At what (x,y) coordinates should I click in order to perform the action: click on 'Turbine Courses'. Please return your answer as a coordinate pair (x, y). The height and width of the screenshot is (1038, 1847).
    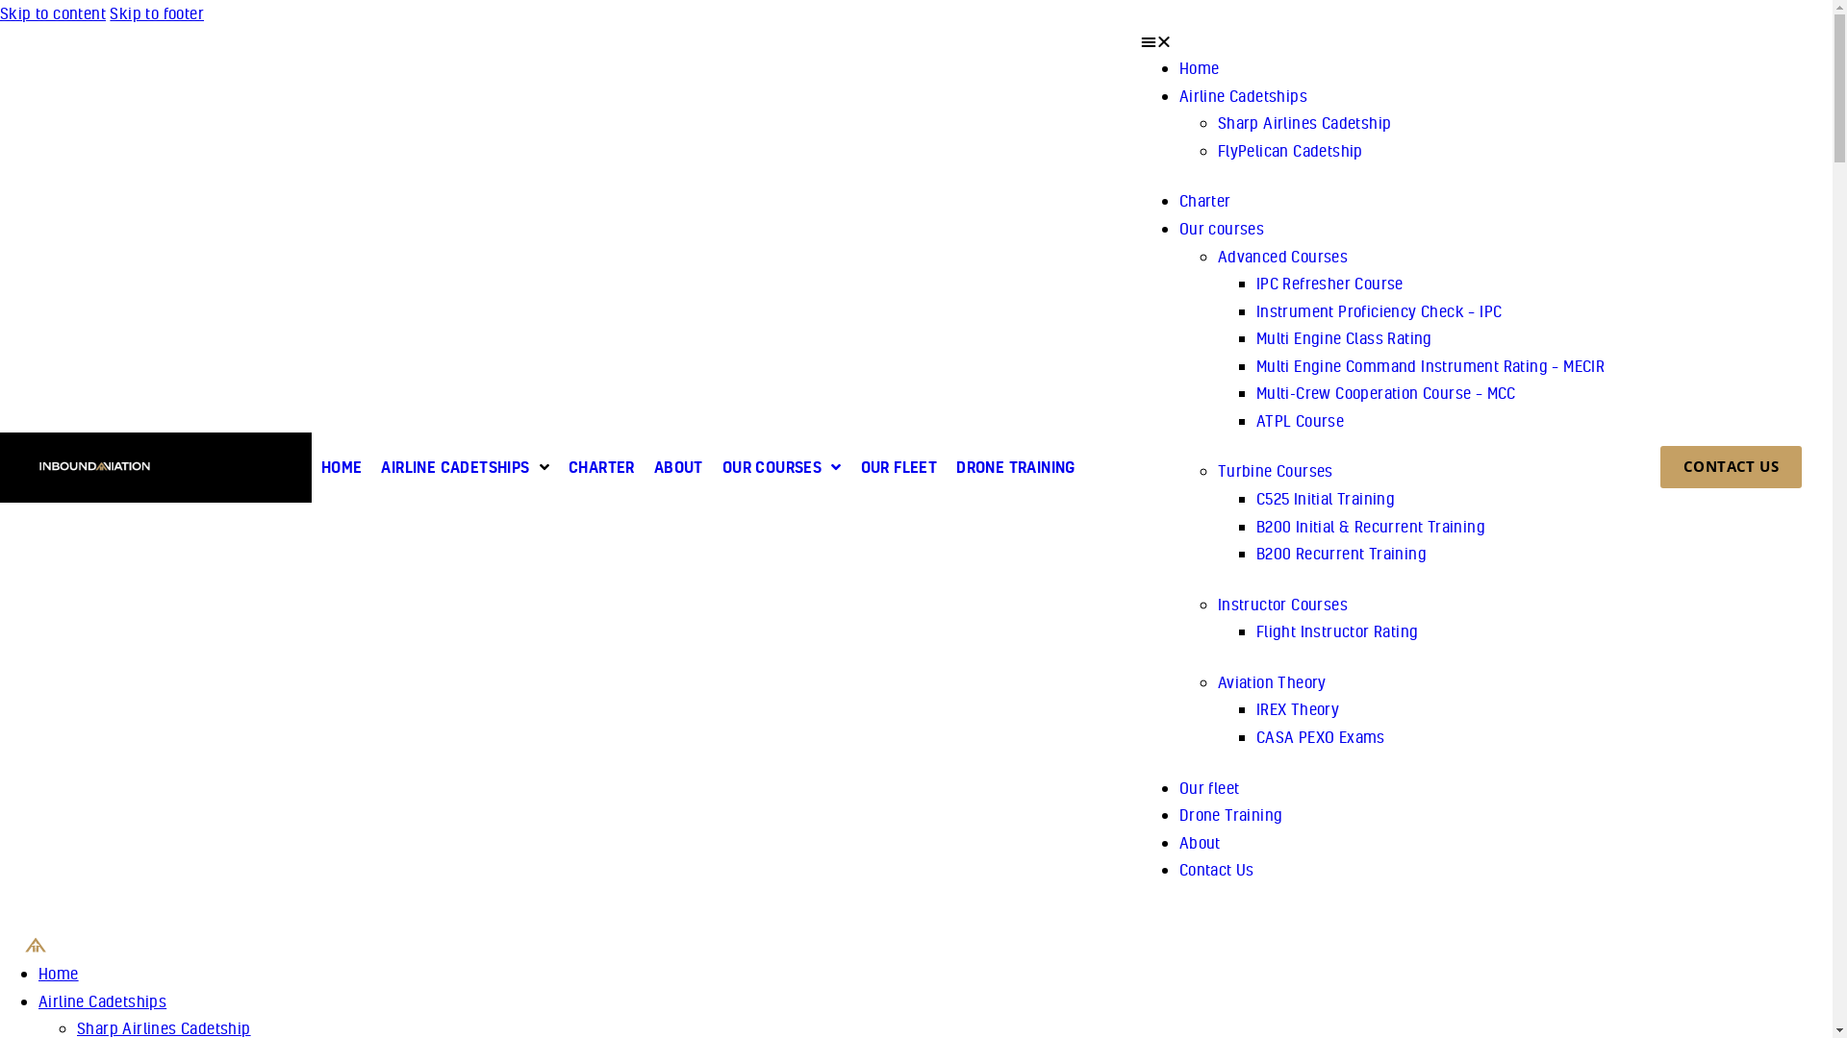
    Looking at the image, I should click on (1275, 470).